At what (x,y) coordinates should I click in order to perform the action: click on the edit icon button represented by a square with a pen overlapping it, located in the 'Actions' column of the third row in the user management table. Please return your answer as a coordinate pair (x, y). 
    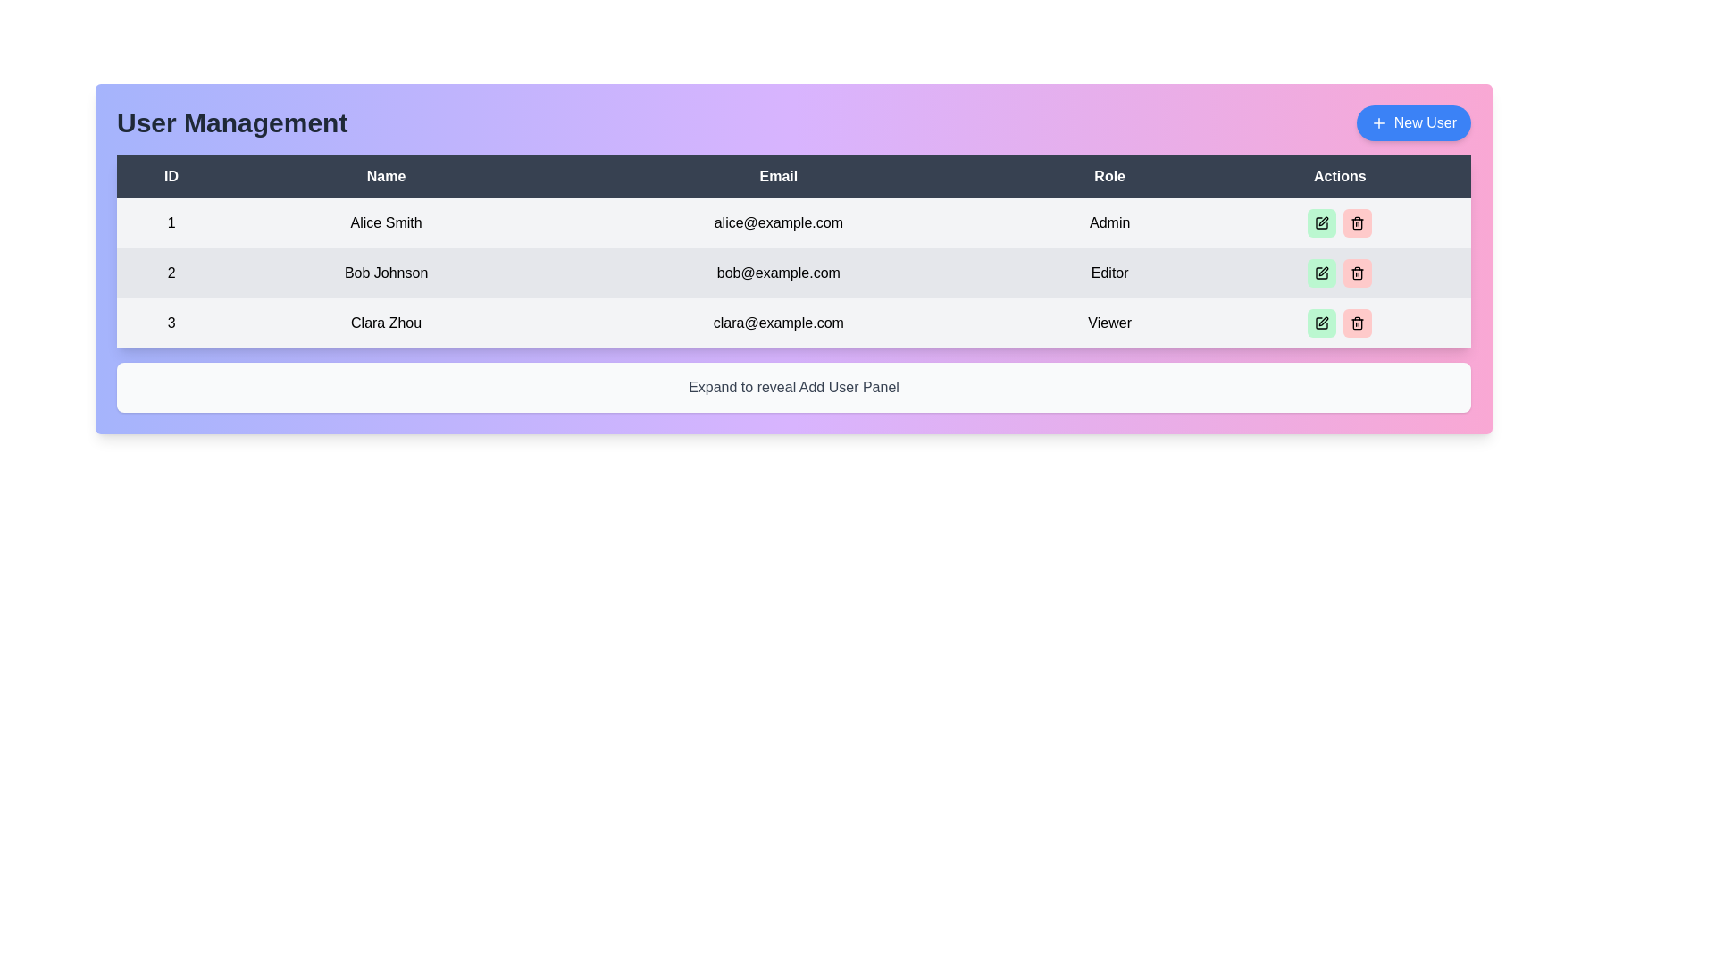
    Looking at the image, I should click on (1322, 323).